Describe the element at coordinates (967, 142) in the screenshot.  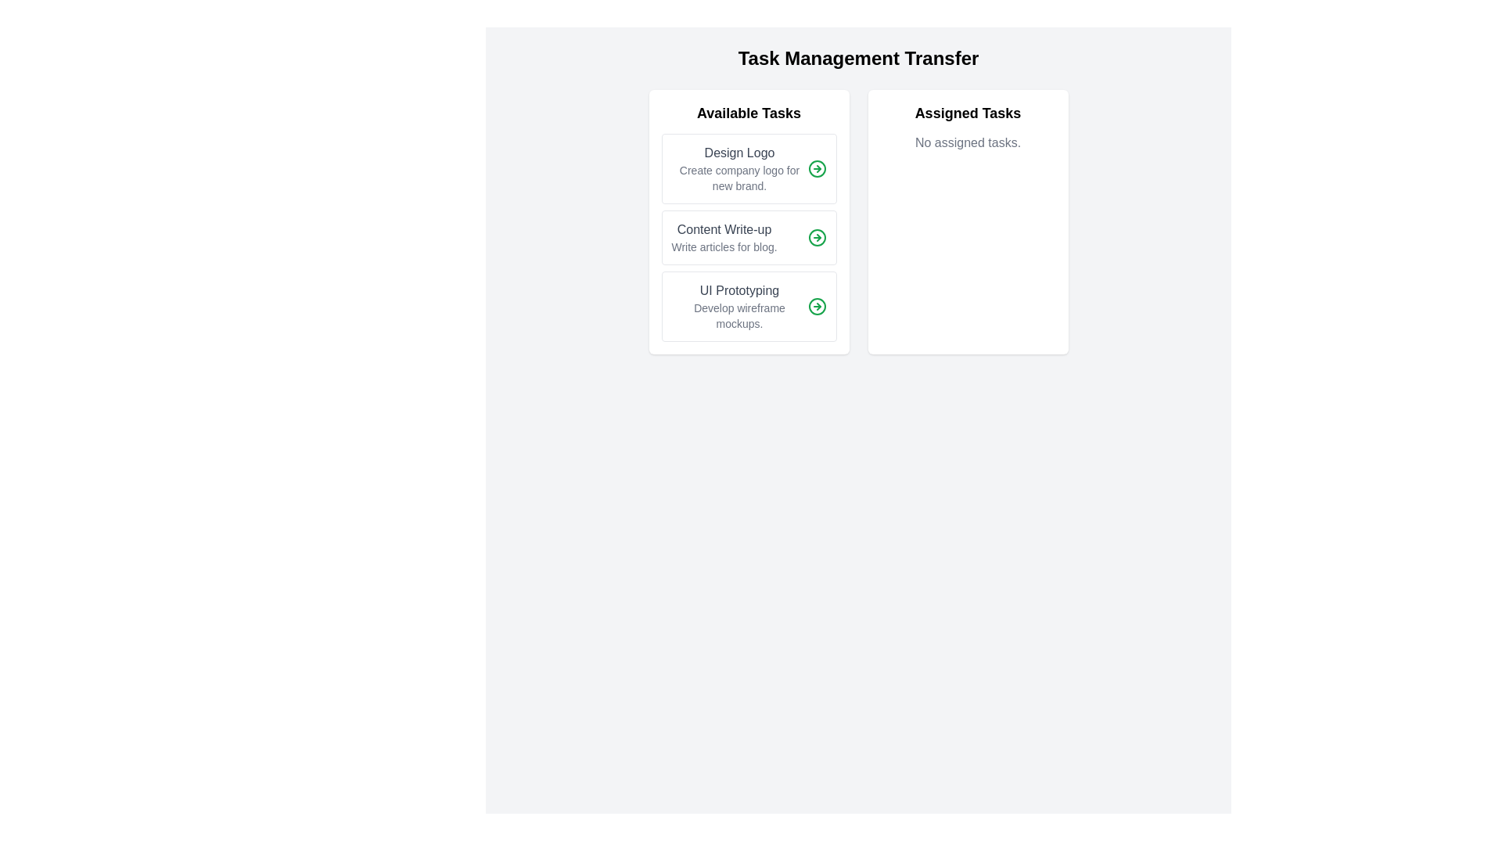
I see `the text label indicating that there are currently no tasks assigned, located beneath the 'Assigned Tasks' title label on the right-hand side of the interface` at that location.